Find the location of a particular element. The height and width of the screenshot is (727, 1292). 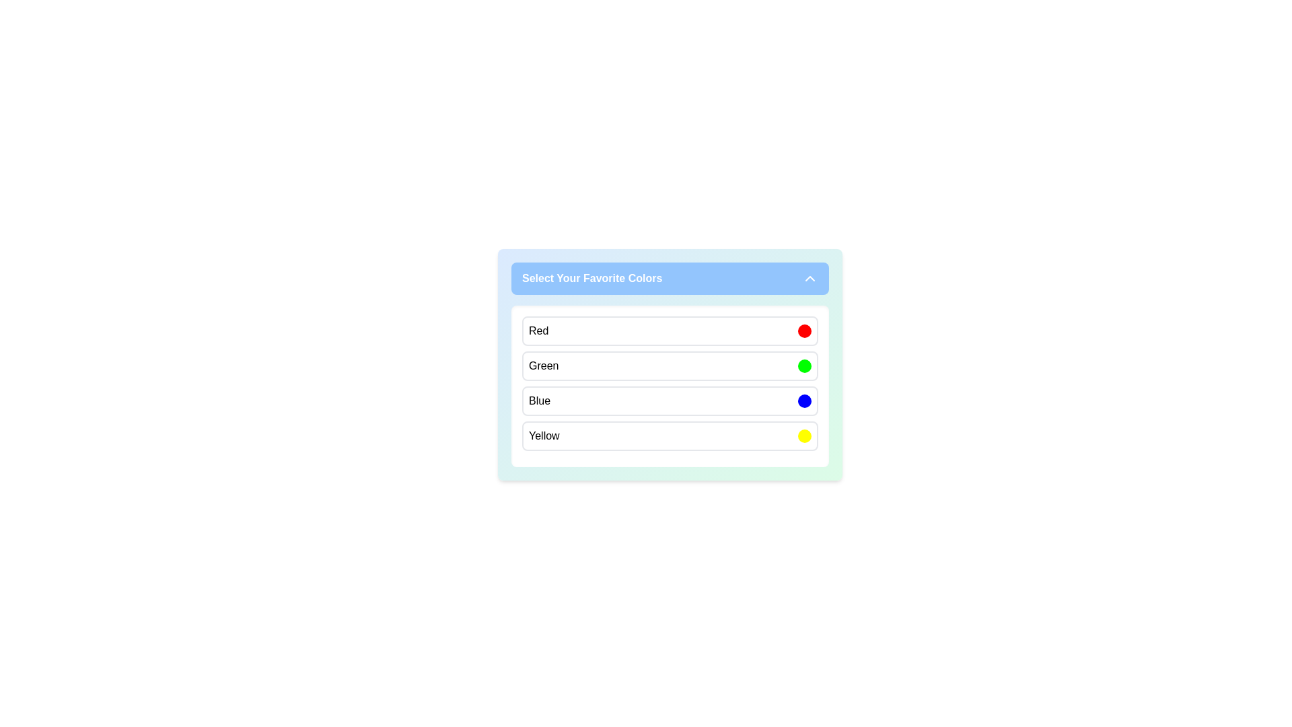

the circular blue Color indicator element located at the end of the 'Blue' entry in the list of colored entries, positioned at the end of the third row is located at coordinates (804, 401).